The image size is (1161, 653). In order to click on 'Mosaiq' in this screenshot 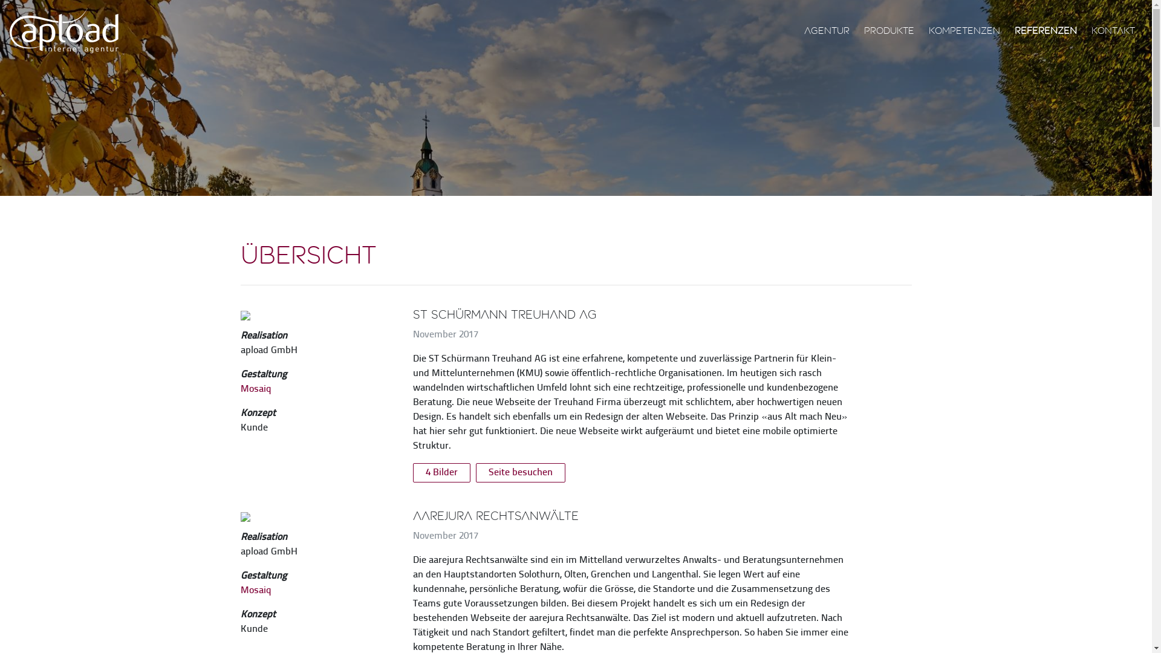, I will do `click(255, 590)`.